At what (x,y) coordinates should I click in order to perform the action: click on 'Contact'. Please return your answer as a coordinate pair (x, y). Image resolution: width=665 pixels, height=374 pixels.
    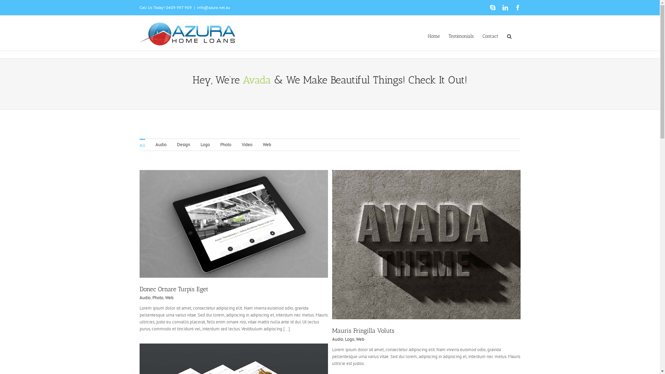
    Looking at the image, I should click on (482, 36).